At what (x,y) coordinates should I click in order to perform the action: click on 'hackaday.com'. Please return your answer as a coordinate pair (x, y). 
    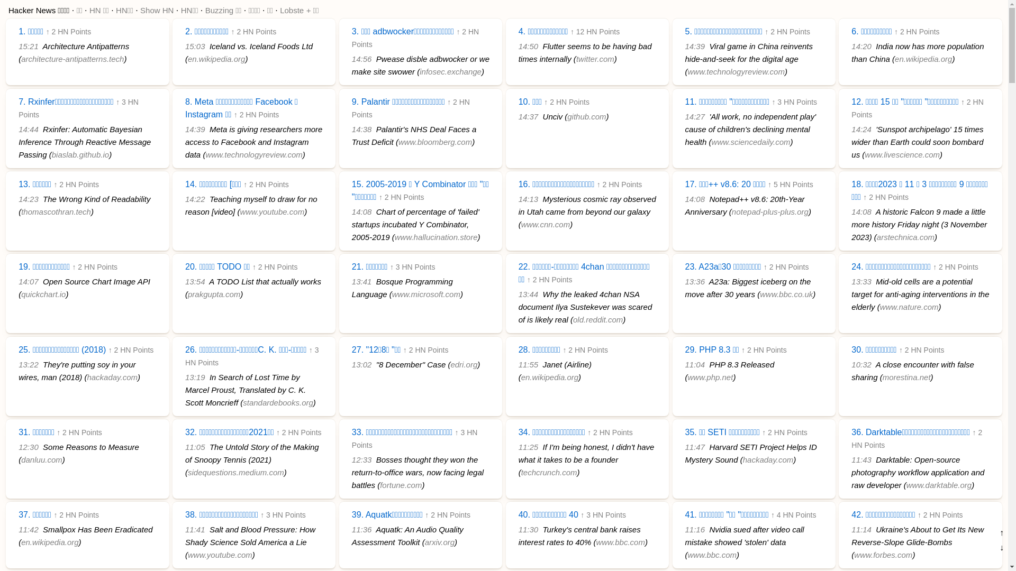
    Looking at the image, I should click on (112, 376).